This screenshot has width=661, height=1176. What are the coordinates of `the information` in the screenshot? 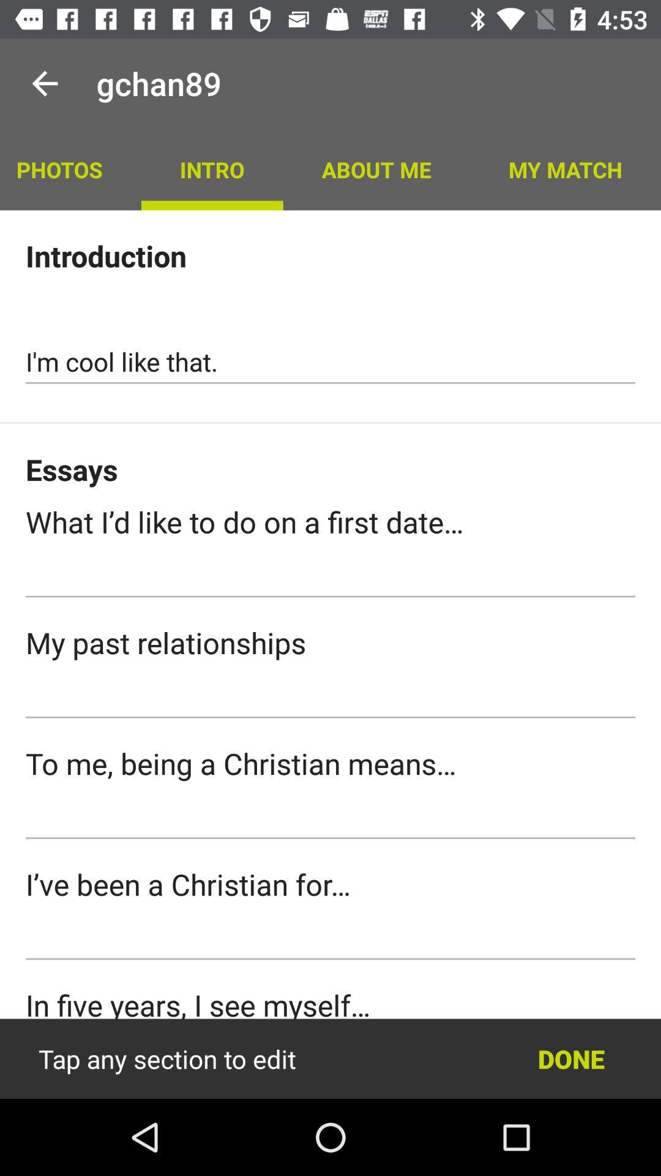 It's located at (330, 1058).